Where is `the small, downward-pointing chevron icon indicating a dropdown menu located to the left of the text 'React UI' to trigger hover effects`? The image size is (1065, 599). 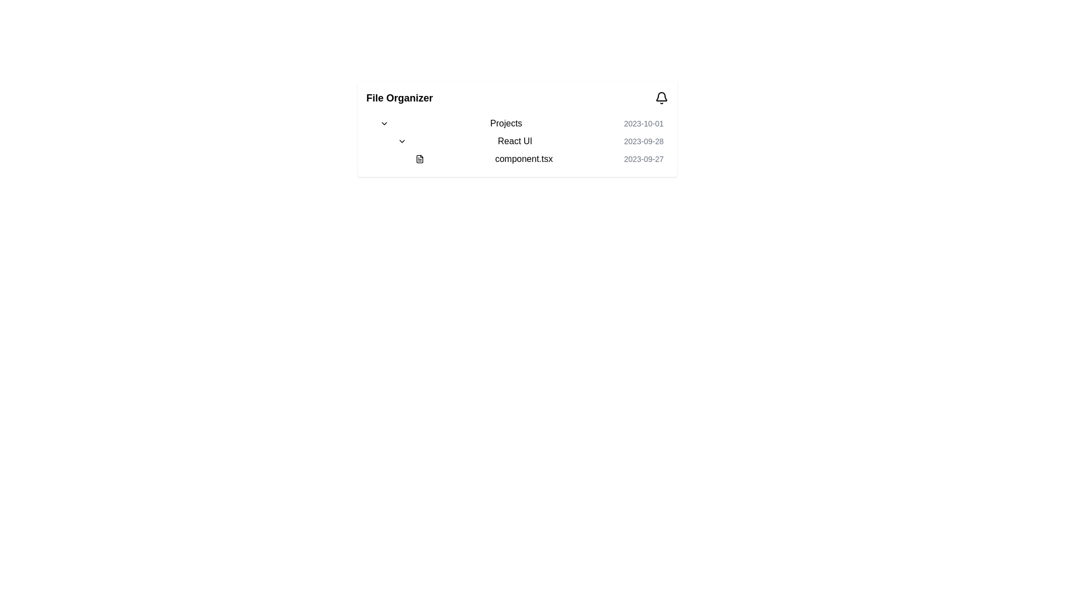 the small, downward-pointing chevron icon indicating a dropdown menu located to the left of the text 'React UI' to trigger hover effects is located at coordinates (401, 140).